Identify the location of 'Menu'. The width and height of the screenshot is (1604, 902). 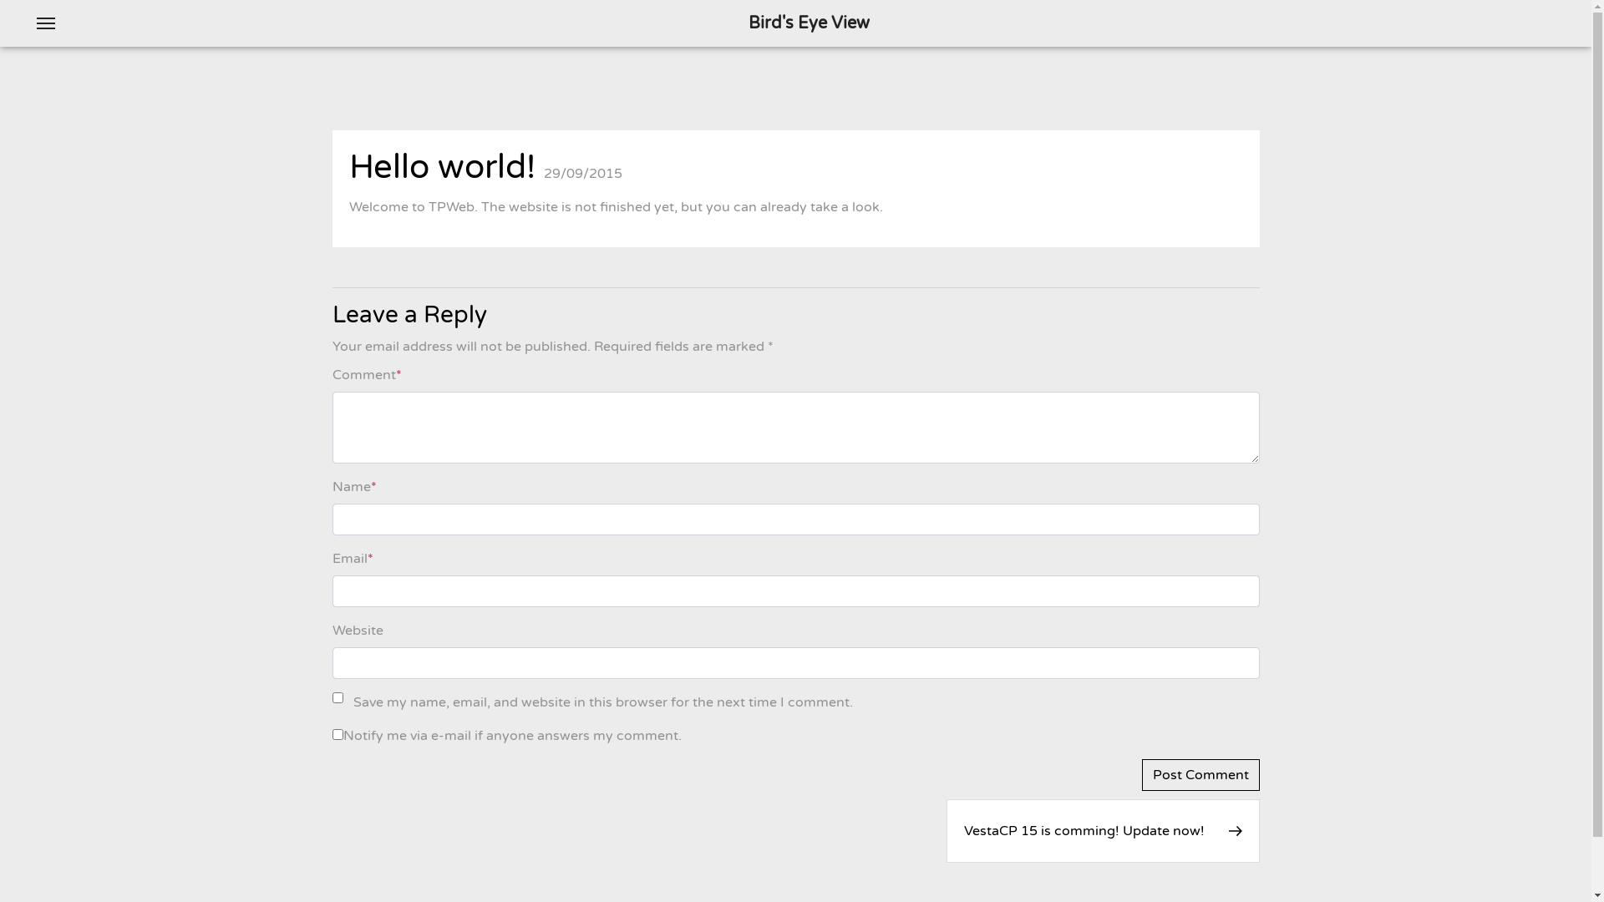
(45, 23).